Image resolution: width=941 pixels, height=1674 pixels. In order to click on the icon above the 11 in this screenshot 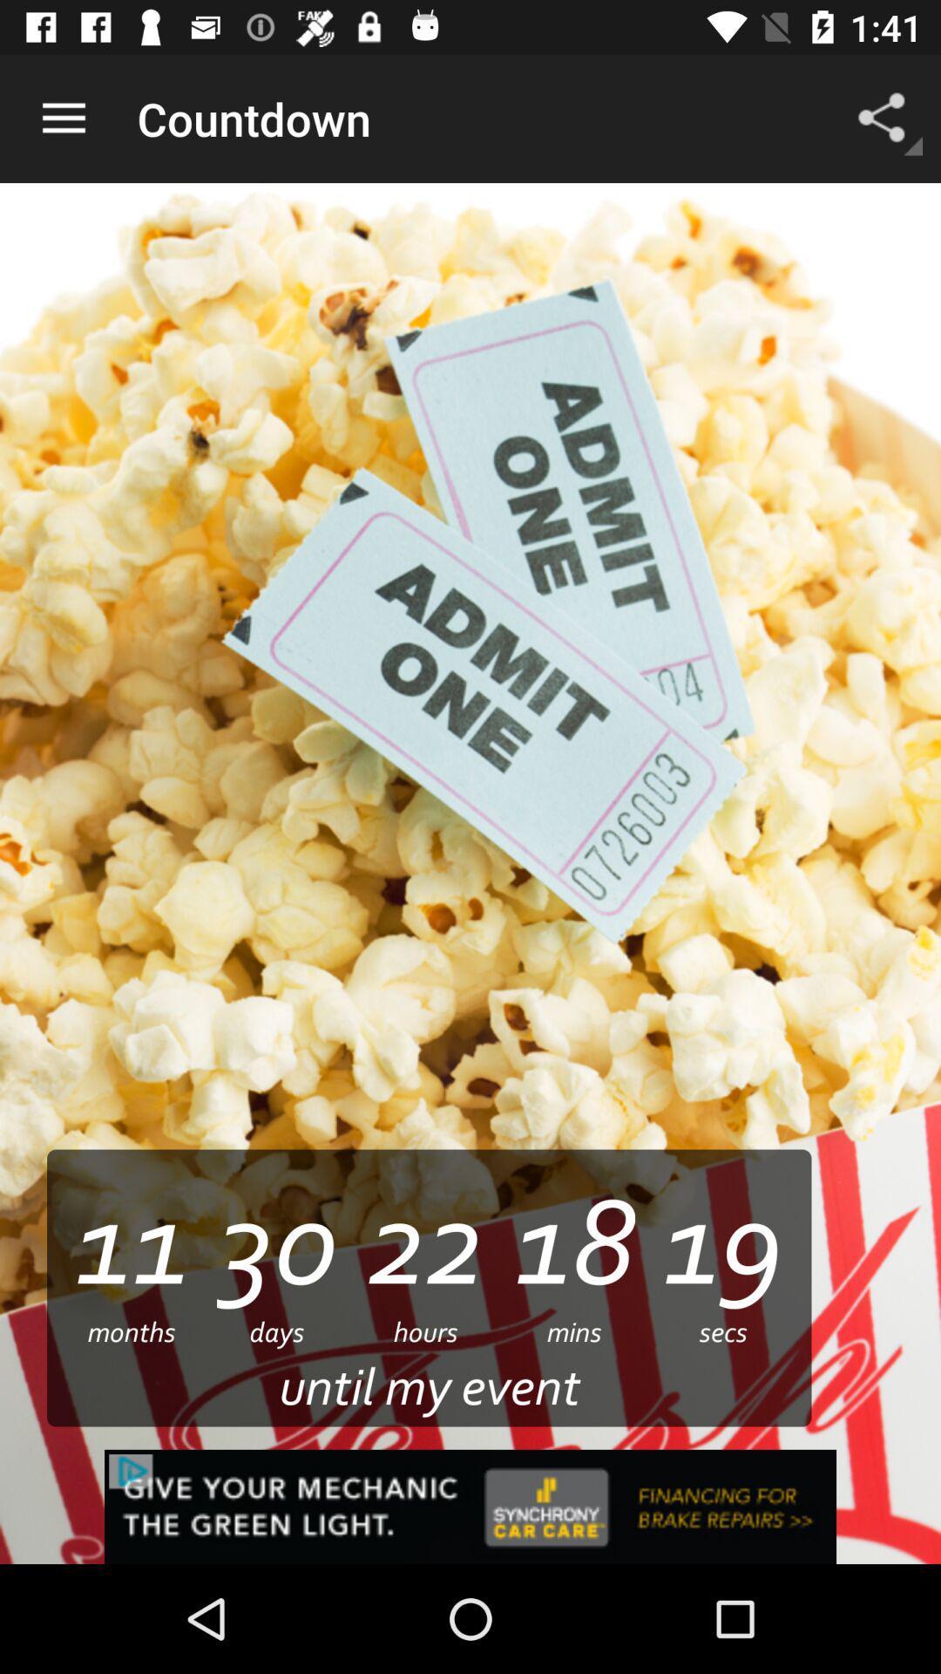, I will do `click(63, 118)`.